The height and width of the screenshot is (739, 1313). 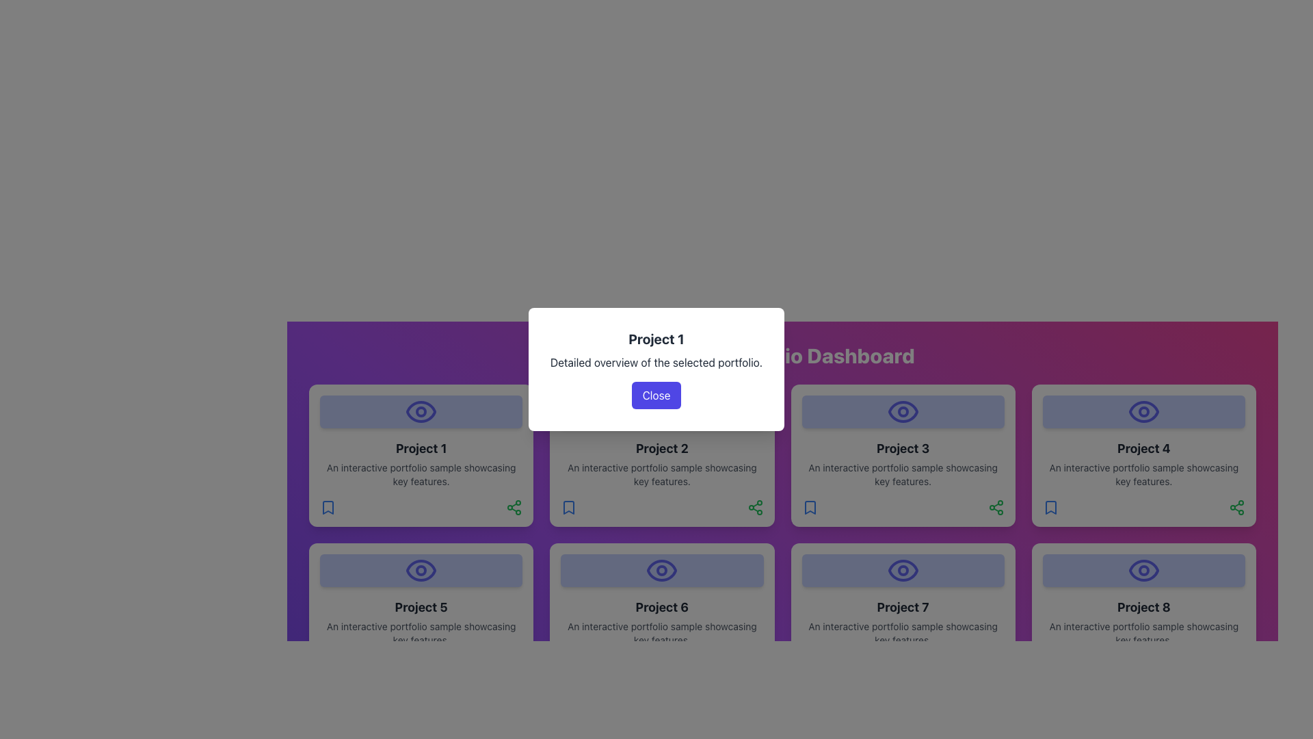 I want to click on the eye icon in the second column, second row of the grid layout, which indicates a visibility or preview feature for 'Project 7', so click(x=903, y=570).